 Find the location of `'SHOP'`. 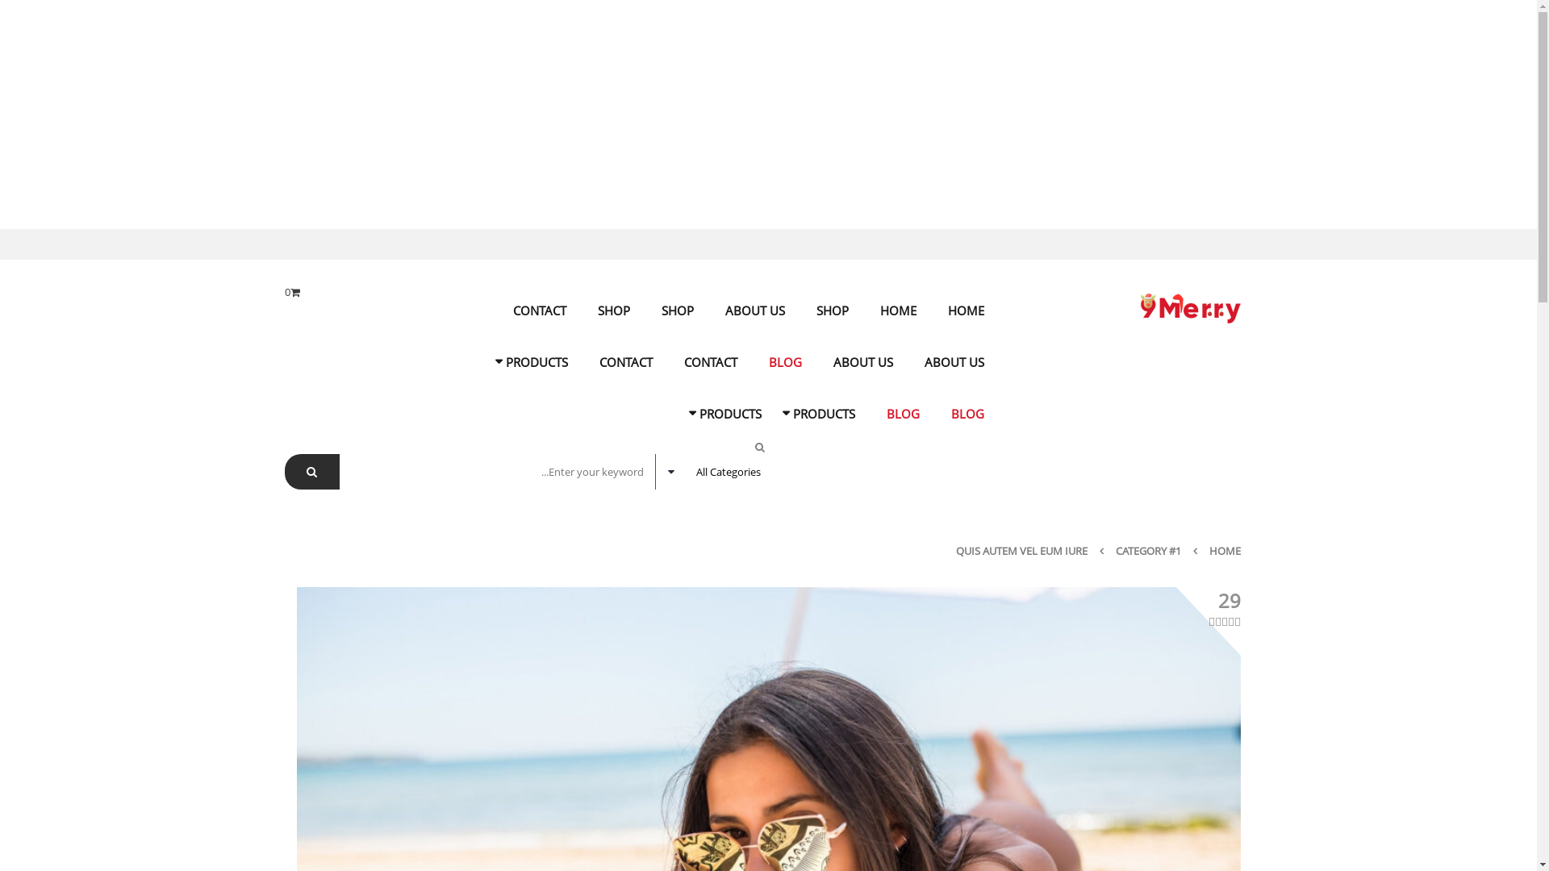

'SHOP' is located at coordinates (678, 310).